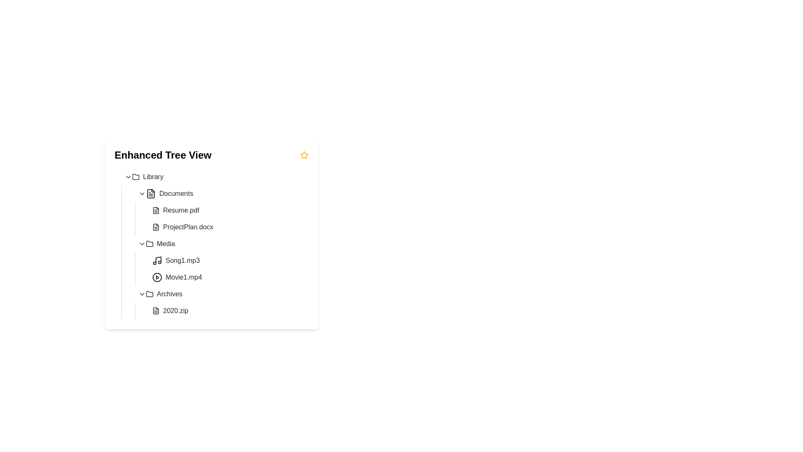  What do you see at coordinates (151, 193) in the screenshot?
I see `the document icon, which is styled with dark outlines and located next to the text label 'Documents'` at bounding box center [151, 193].